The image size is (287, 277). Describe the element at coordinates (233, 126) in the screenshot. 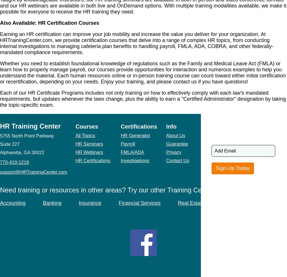

I see `'Stay Up To Date'` at that location.